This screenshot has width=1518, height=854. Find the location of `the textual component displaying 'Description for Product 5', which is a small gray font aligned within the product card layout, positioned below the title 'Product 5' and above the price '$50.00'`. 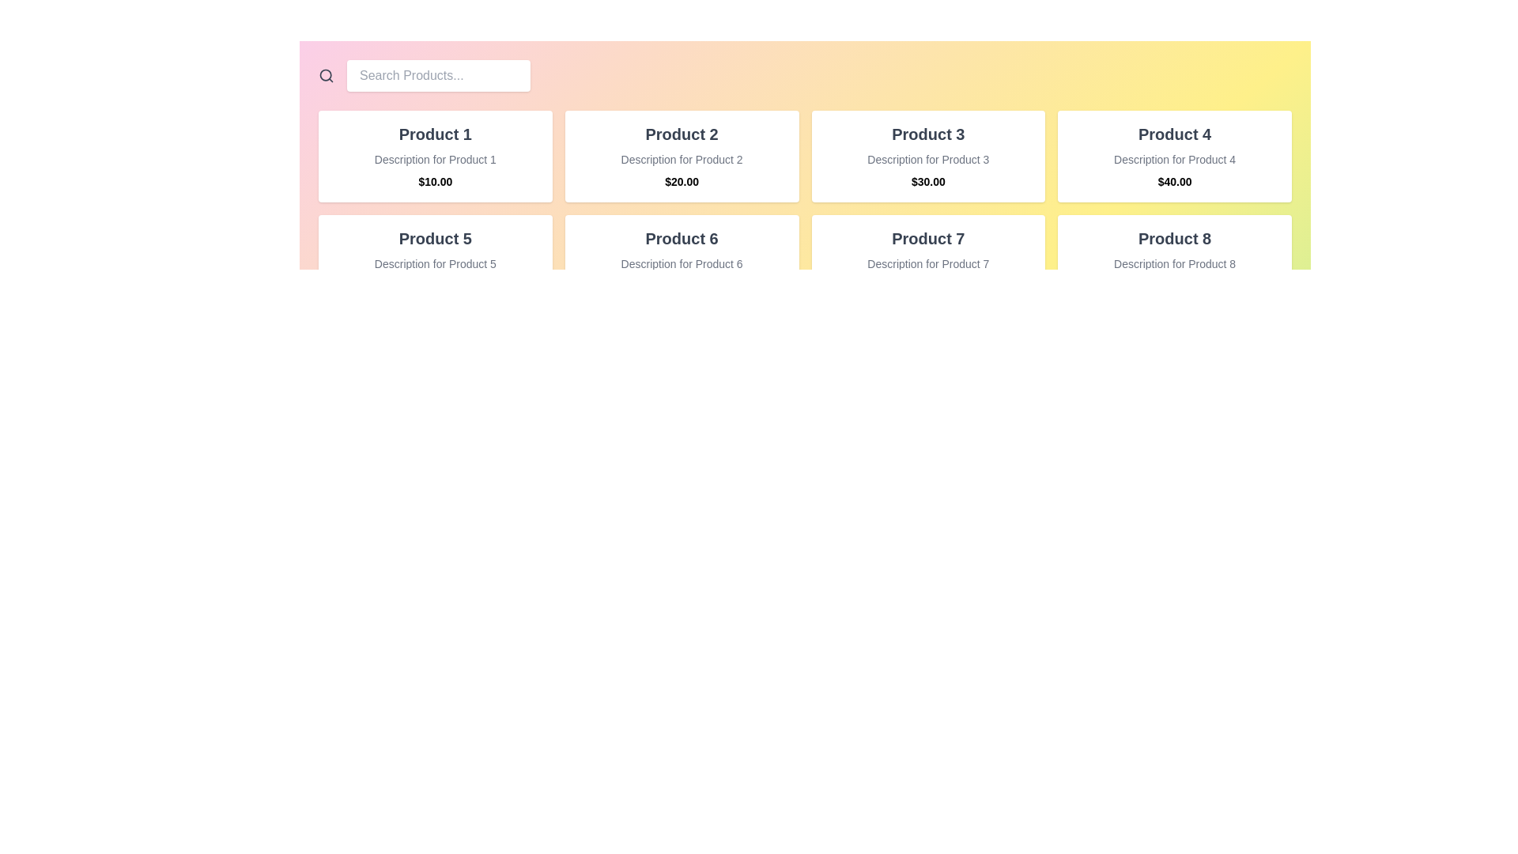

the textual component displaying 'Description for Product 5', which is a small gray font aligned within the product card layout, positioned below the title 'Product 5' and above the price '$50.00' is located at coordinates (435, 263).